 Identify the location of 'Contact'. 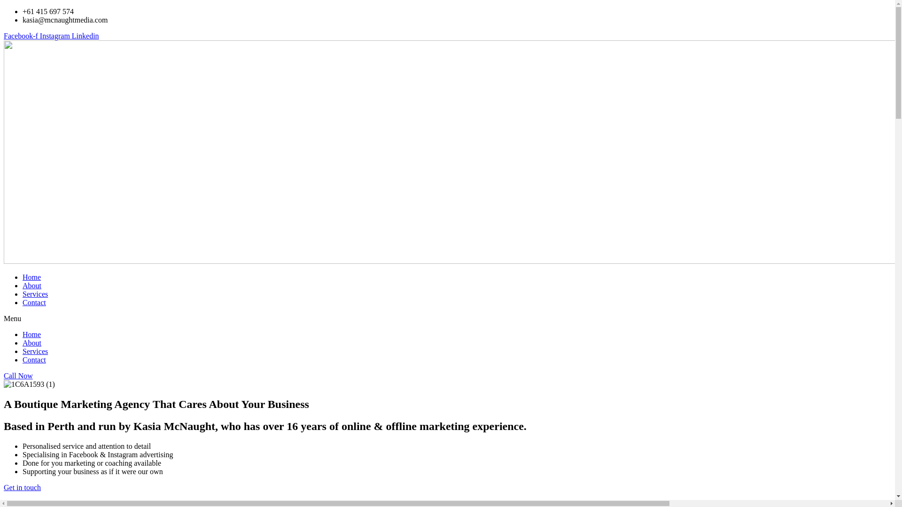
(34, 302).